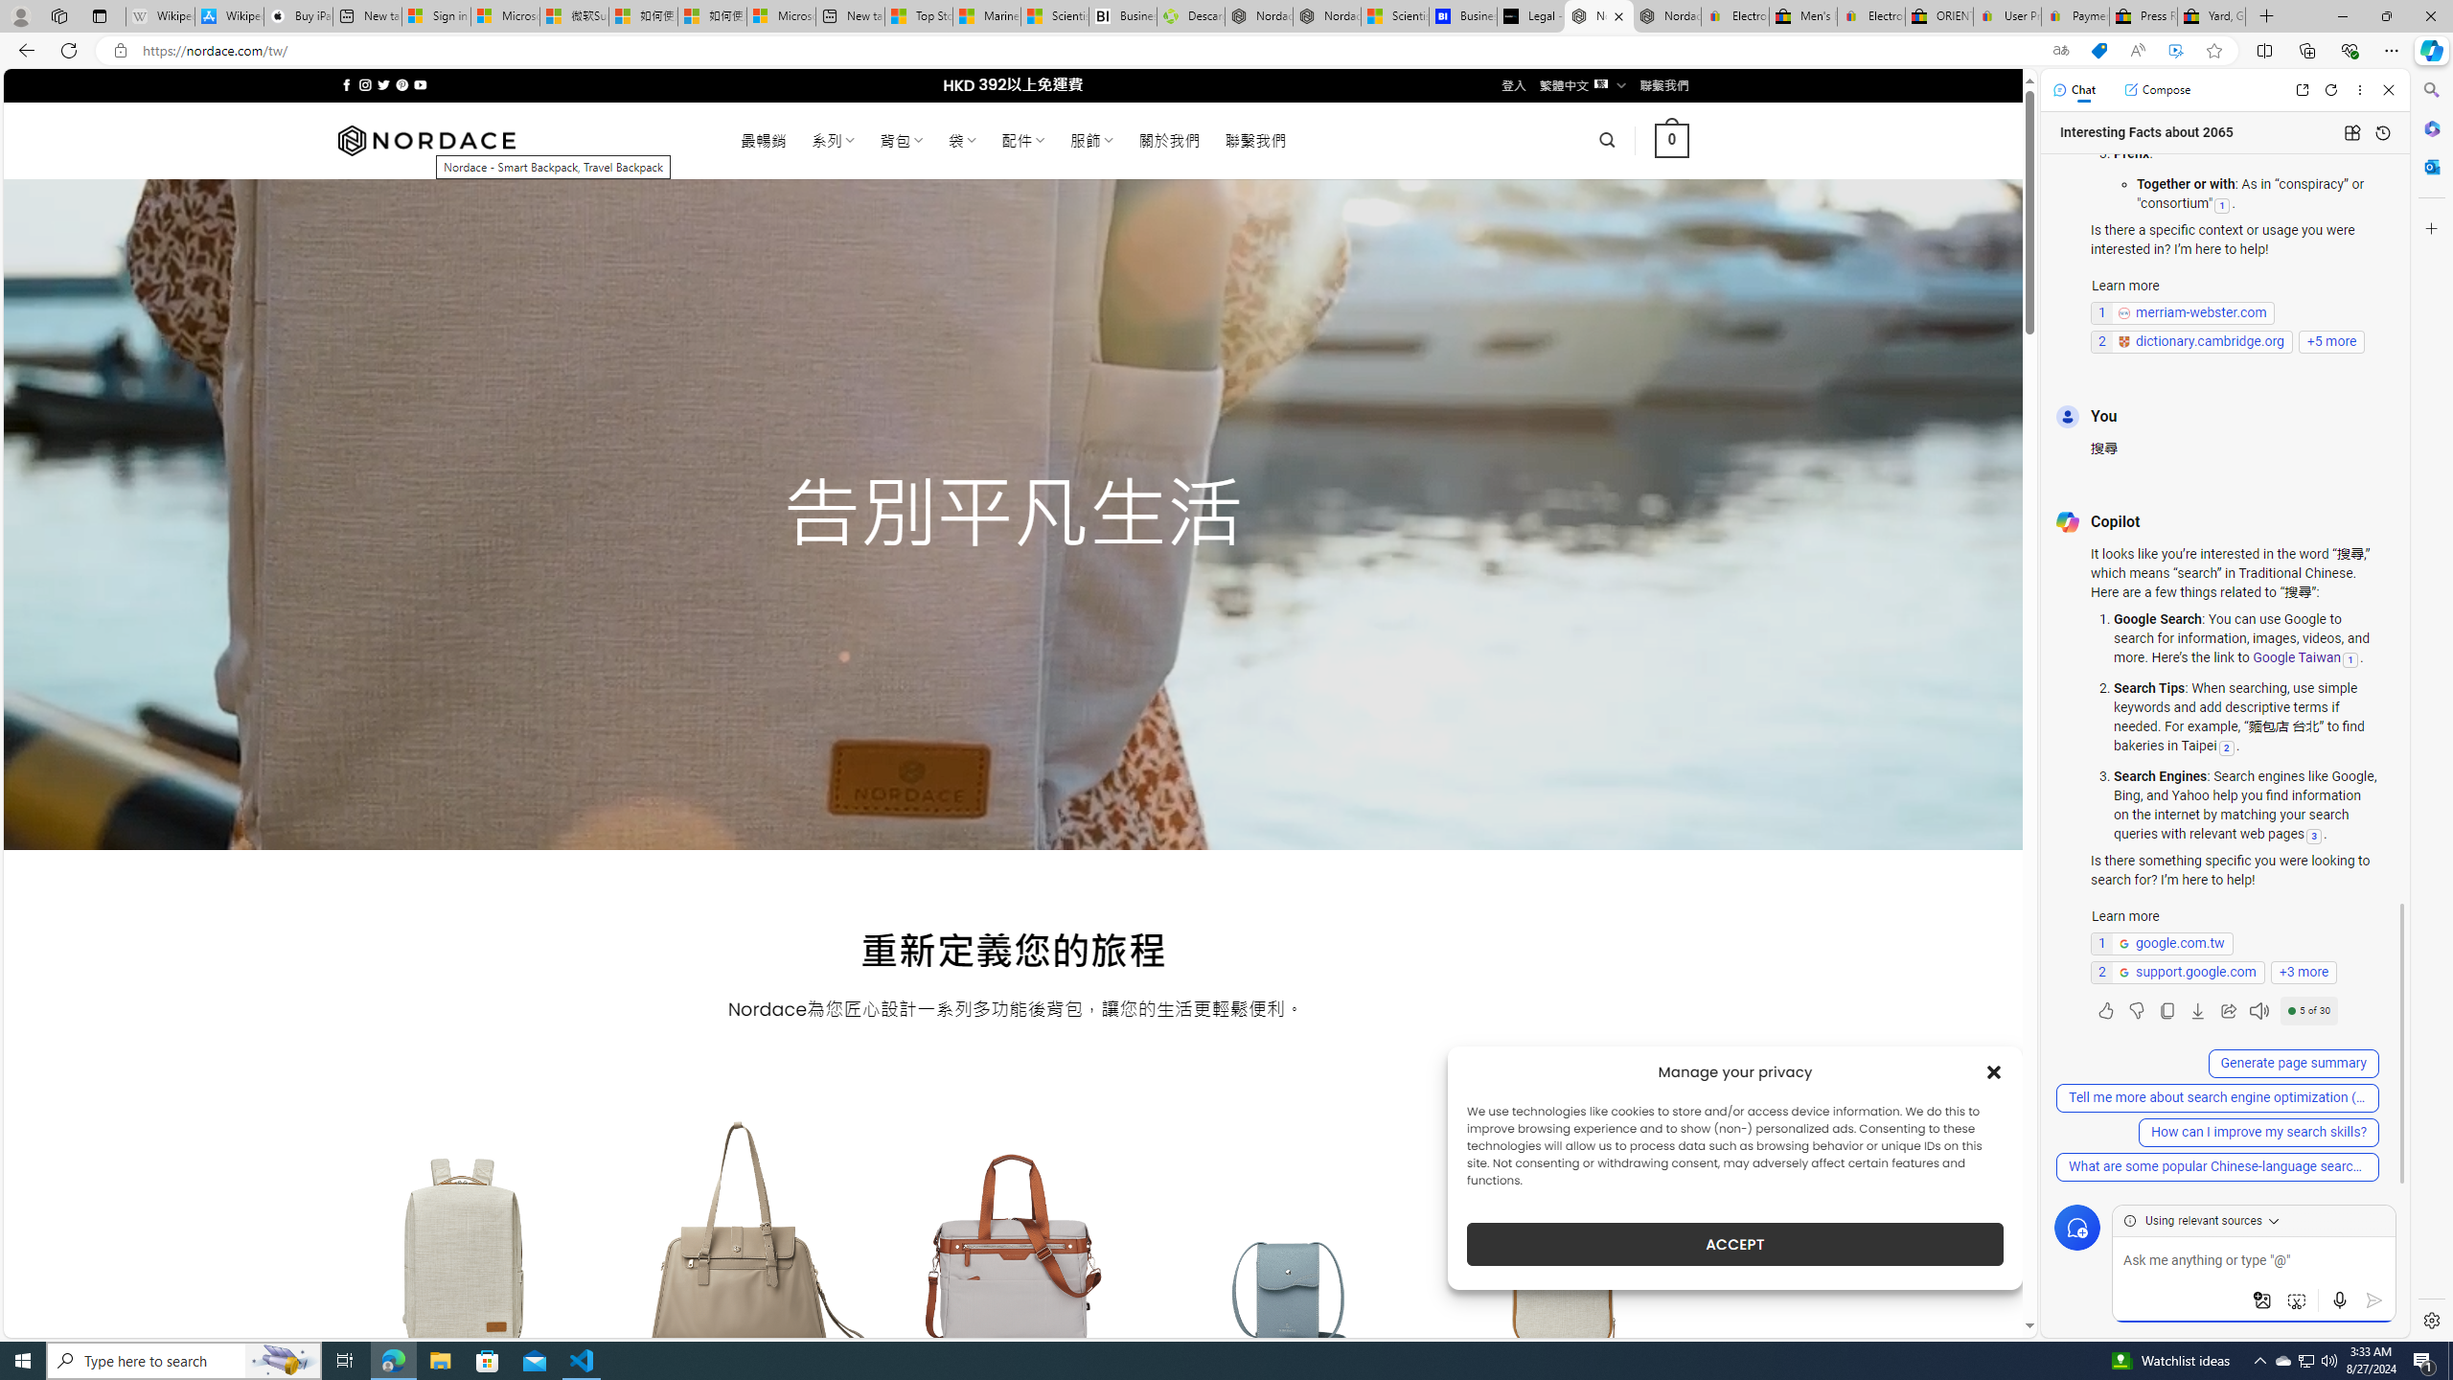  What do you see at coordinates (364, 84) in the screenshot?
I see `'Follow on Instagram'` at bounding box center [364, 84].